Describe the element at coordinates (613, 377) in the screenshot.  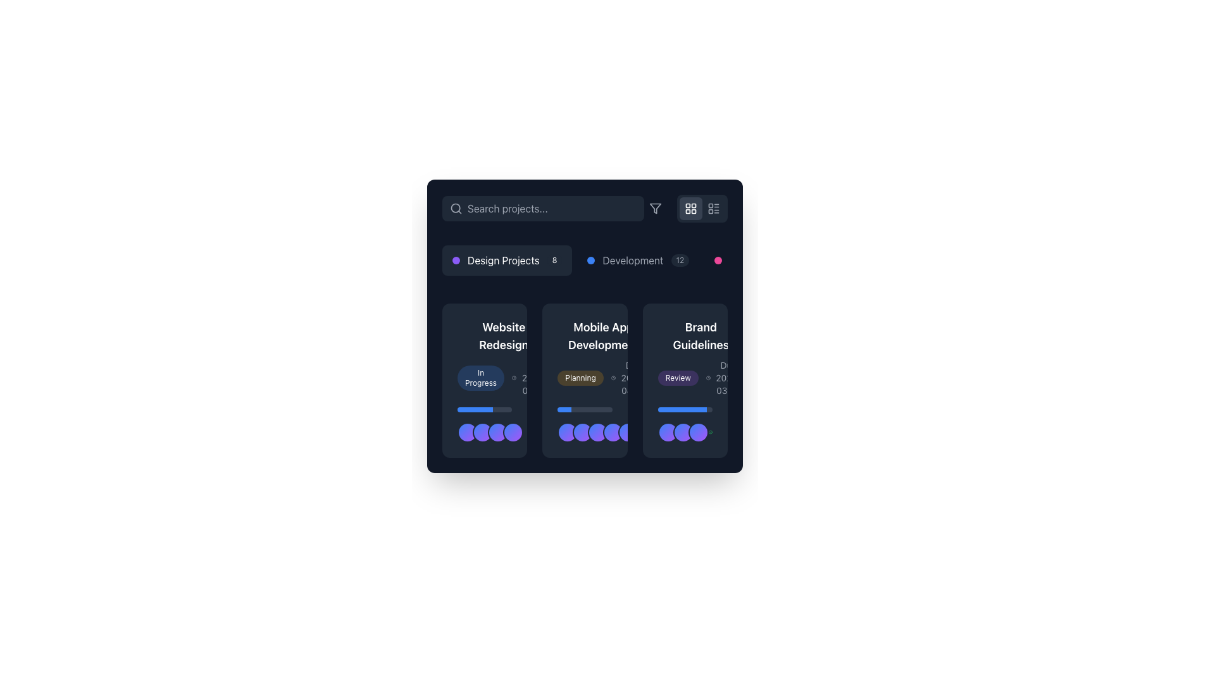
I see `the small clock icon with a circular outline located immediately to the left of the text 'Due 2024-04-01'` at that location.